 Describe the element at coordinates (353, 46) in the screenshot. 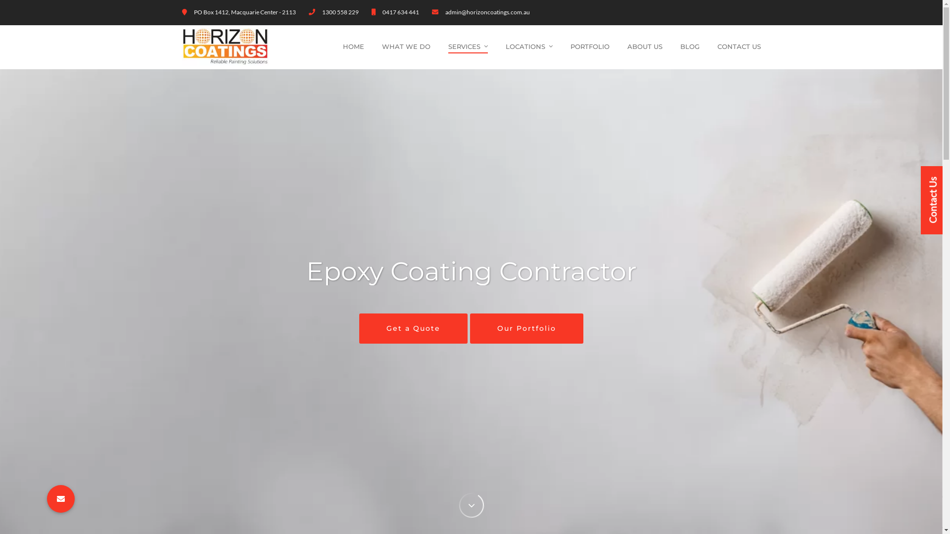

I see `'HOME'` at that location.